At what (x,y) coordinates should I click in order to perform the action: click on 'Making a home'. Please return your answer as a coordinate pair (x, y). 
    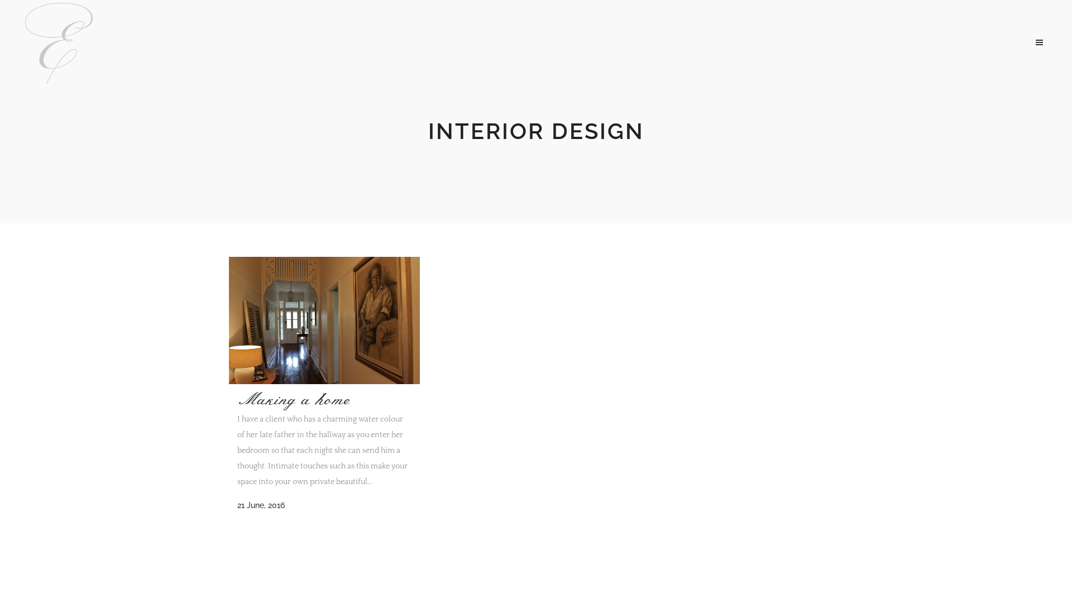
    Looking at the image, I should click on (323, 320).